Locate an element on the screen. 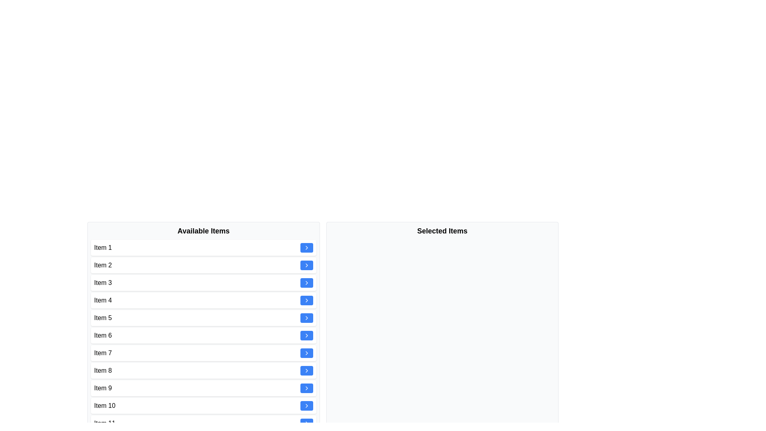 The height and width of the screenshot is (431, 766). the rounded blue button icon located at the bottom-right corner of the list under 'Available Items' to receive visual feedback is located at coordinates (306, 423).